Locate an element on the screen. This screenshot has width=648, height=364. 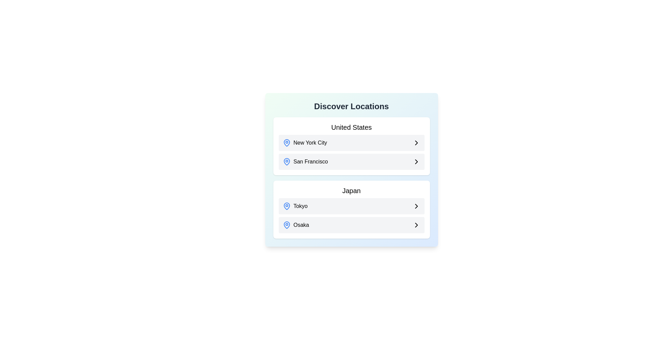
the right-pointing chevron arrow icon associated with the 'San Francisco' list item is located at coordinates (416, 161).